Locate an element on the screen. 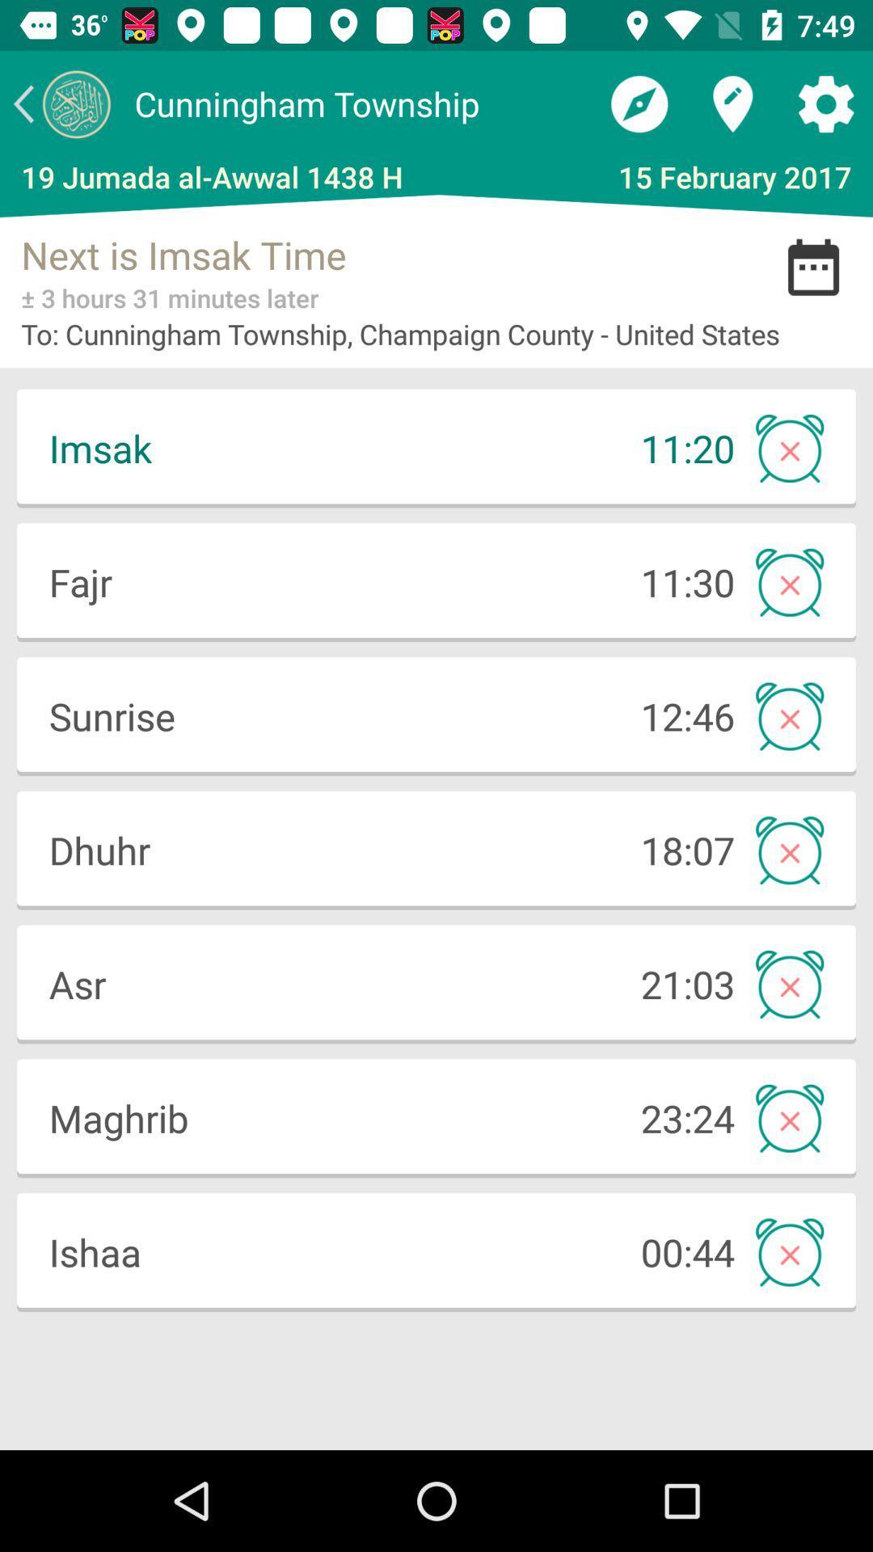 Image resolution: width=873 pixels, height=1552 pixels. the date_range icon is located at coordinates (813, 267).